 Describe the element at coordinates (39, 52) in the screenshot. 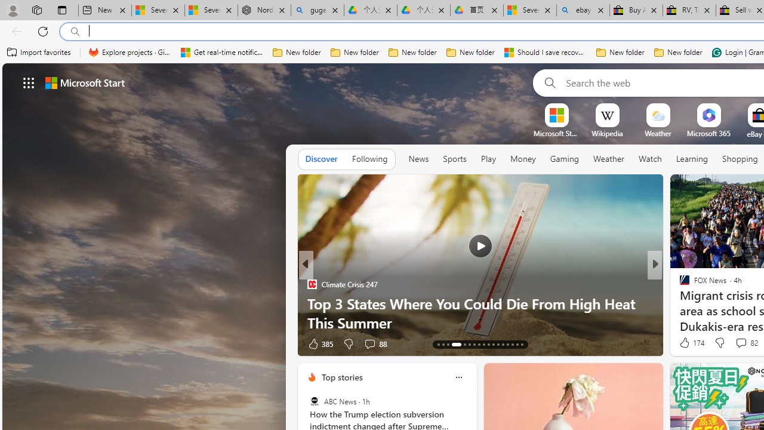

I see `'Import favorites'` at that location.